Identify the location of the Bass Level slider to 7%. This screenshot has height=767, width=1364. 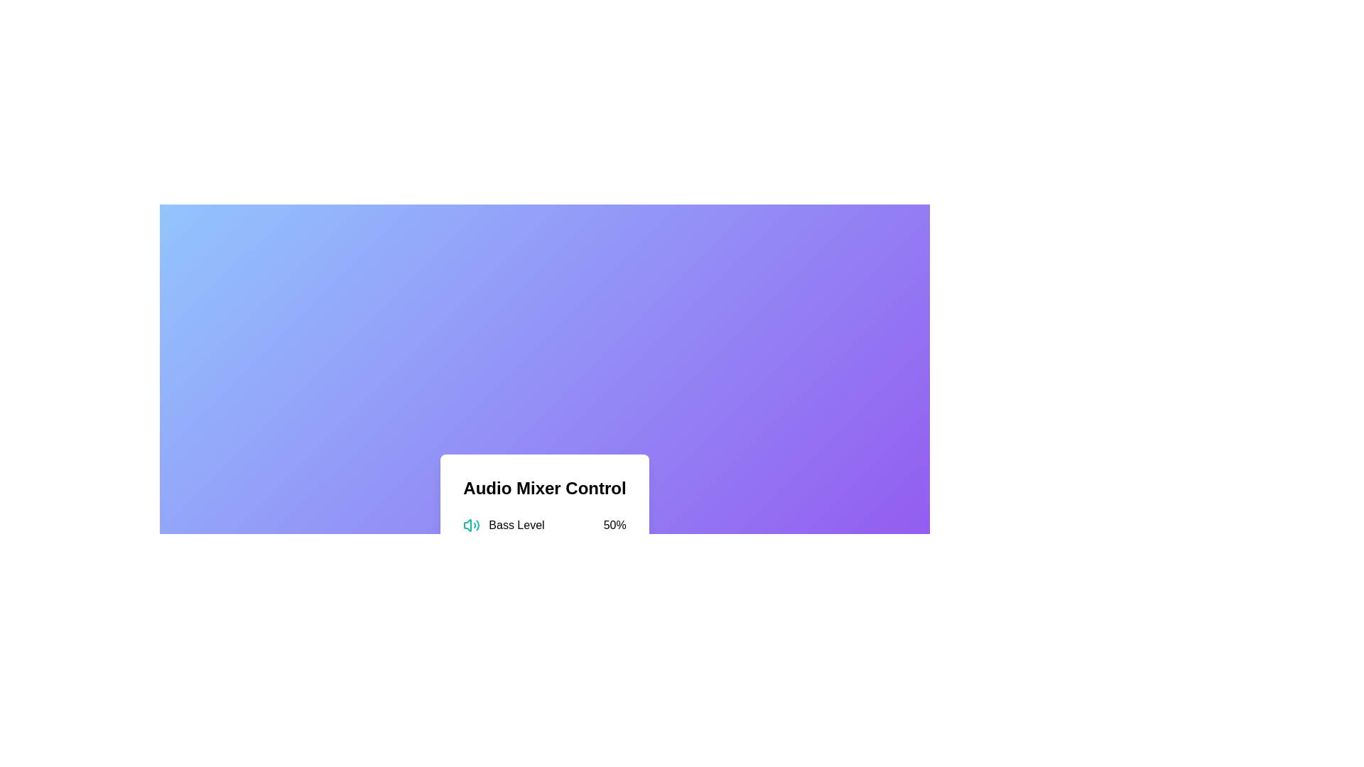
(474, 543).